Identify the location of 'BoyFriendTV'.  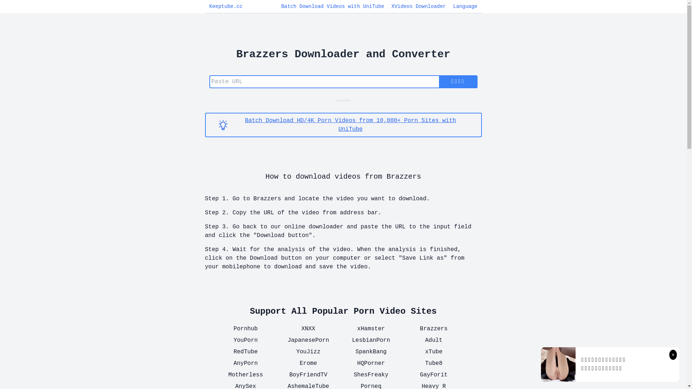
(308, 375).